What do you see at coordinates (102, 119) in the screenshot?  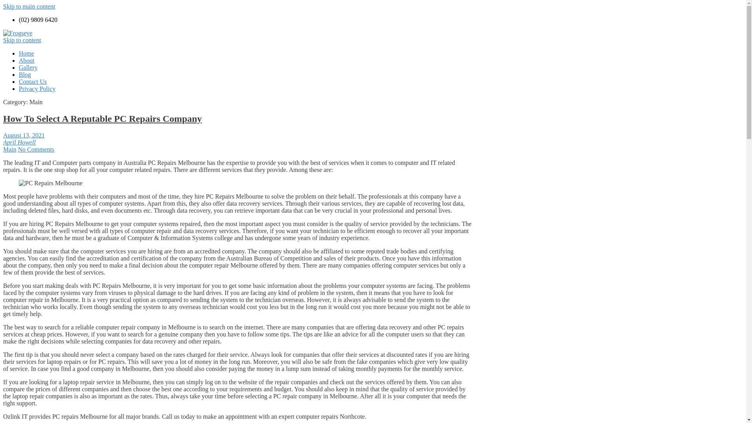 I see `'How To Select A Reputable PC Repairs Company'` at bounding box center [102, 119].